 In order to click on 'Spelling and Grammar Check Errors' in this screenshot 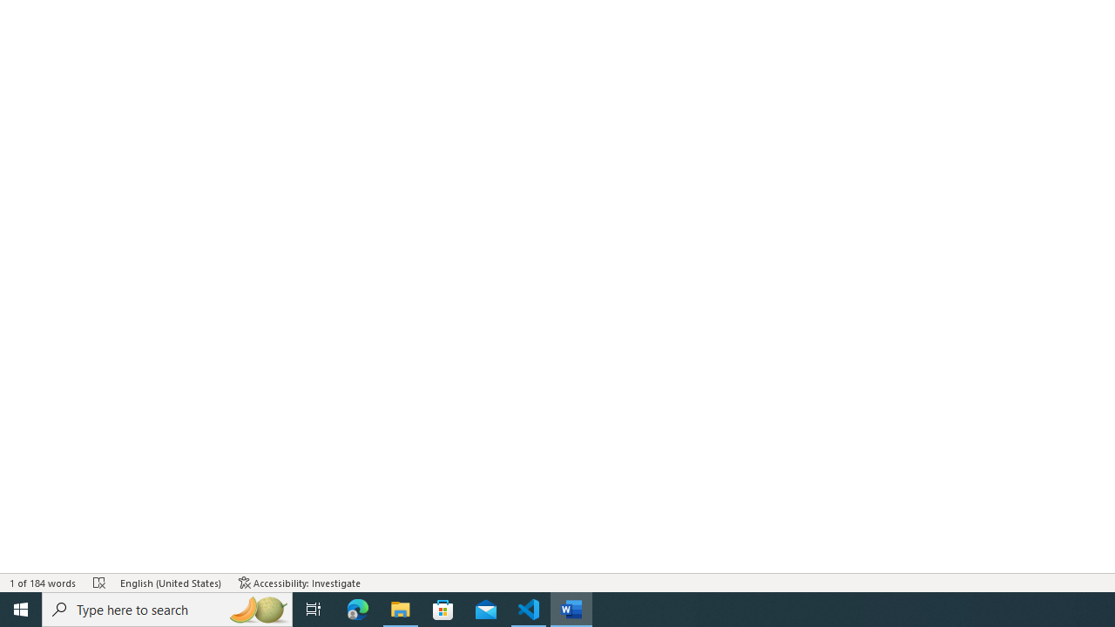, I will do `click(98, 583)`.